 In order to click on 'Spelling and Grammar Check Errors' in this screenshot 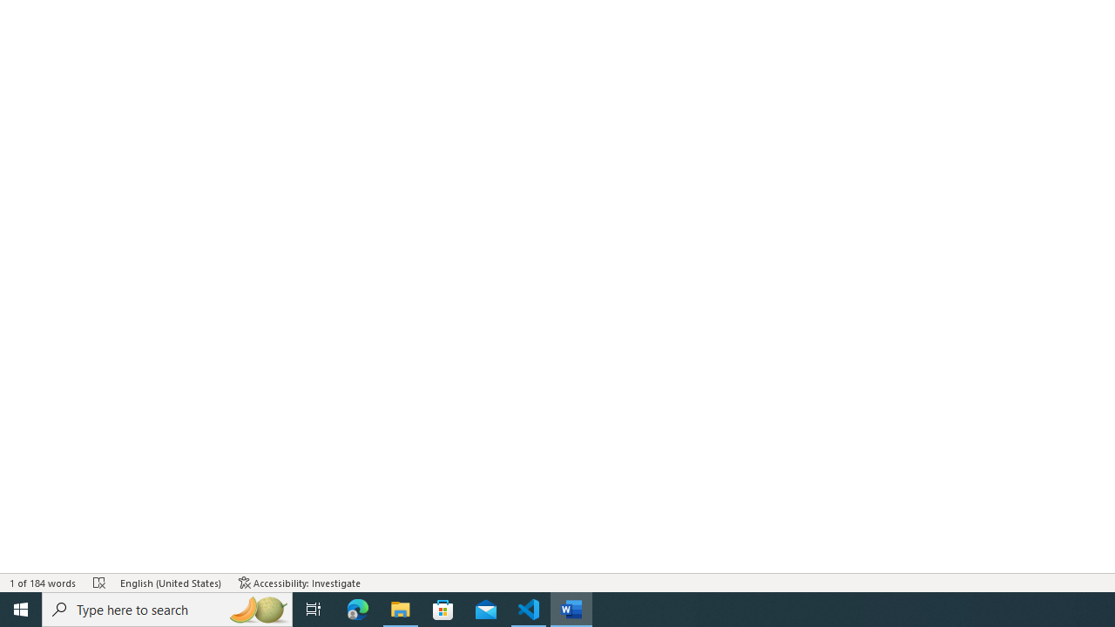, I will do `click(98, 583)`.